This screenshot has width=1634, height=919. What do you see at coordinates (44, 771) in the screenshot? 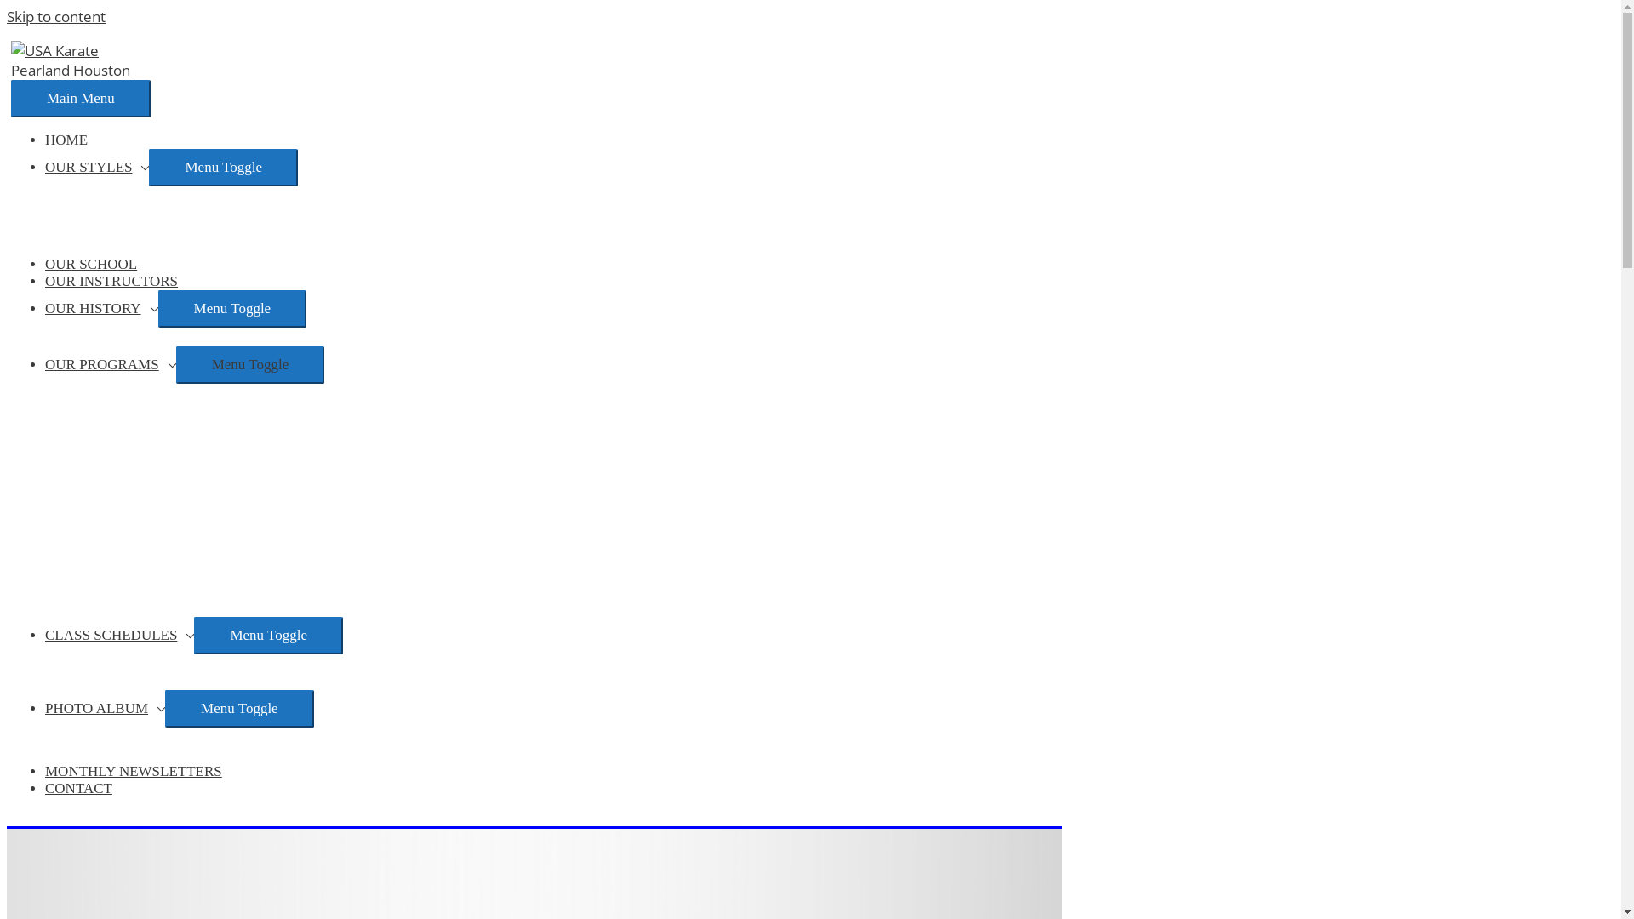
I see `'MONTHLY NEWSLETTERS'` at bounding box center [44, 771].